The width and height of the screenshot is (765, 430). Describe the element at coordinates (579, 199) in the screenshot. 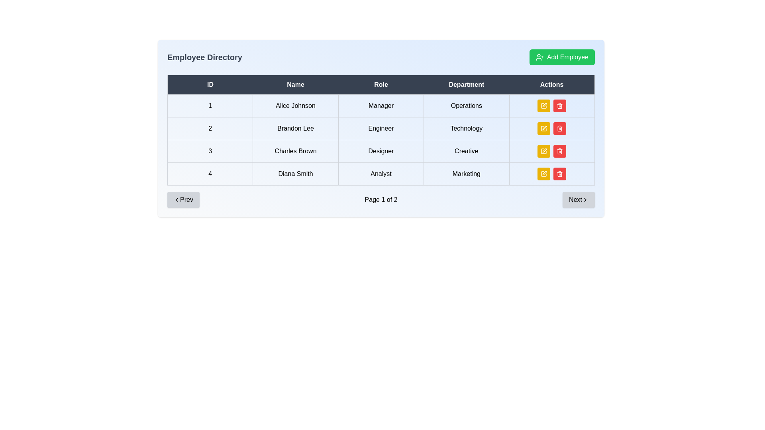

I see `the 'Next' button, which is labeled with an arrow icon pointing to the right and located at the far-right end of the navigation controls` at that location.